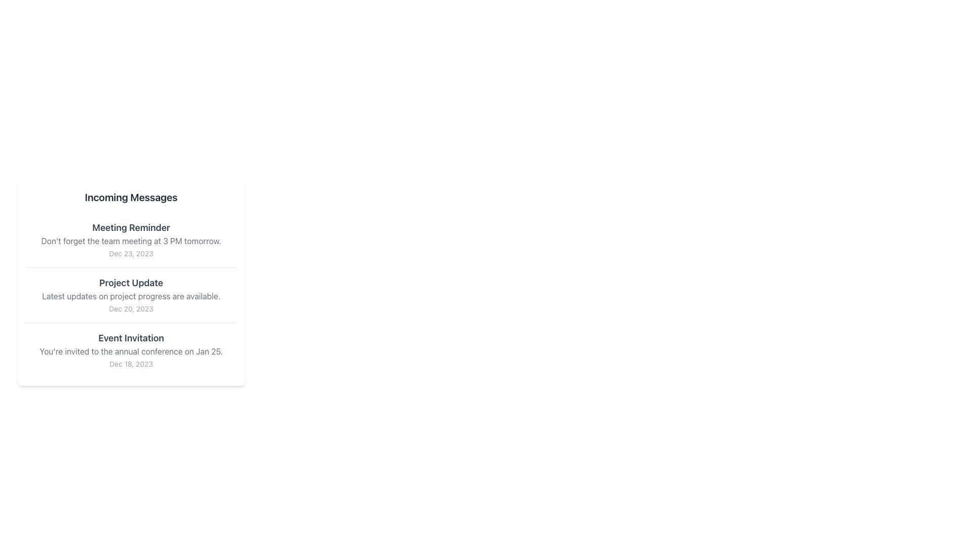  Describe the element at coordinates (131, 296) in the screenshot. I see `text snippet styled in gray that says 'Latest updates on project progress are available.' This text is located below the 'Project Update' title and above the date text 'Dec 20, 2023.'` at that location.